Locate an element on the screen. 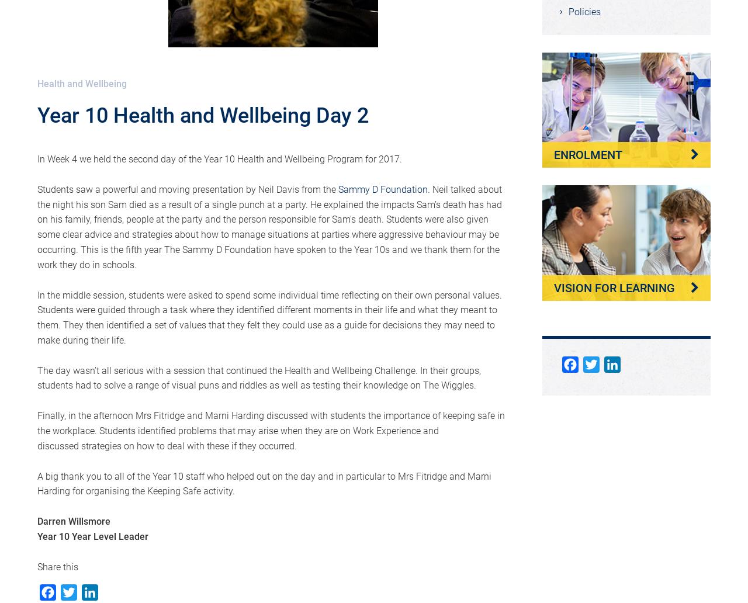 The image size is (748, 603). '. Neil talked about the night his son Sam died as a result of a single punch at a party. He explained the impacts Sam’s death has had on his family, friends, people at the party and the person responsible for Sam’s death. Students were also given some clear advice and strategies about how to manage situations at parties where aggressive behaviour may be occurring. This is the fifth year The Sammy D Foundation have spoken to the Year 10s and we thank them for the work they do in schools.' is located at coordinates (37, 226).